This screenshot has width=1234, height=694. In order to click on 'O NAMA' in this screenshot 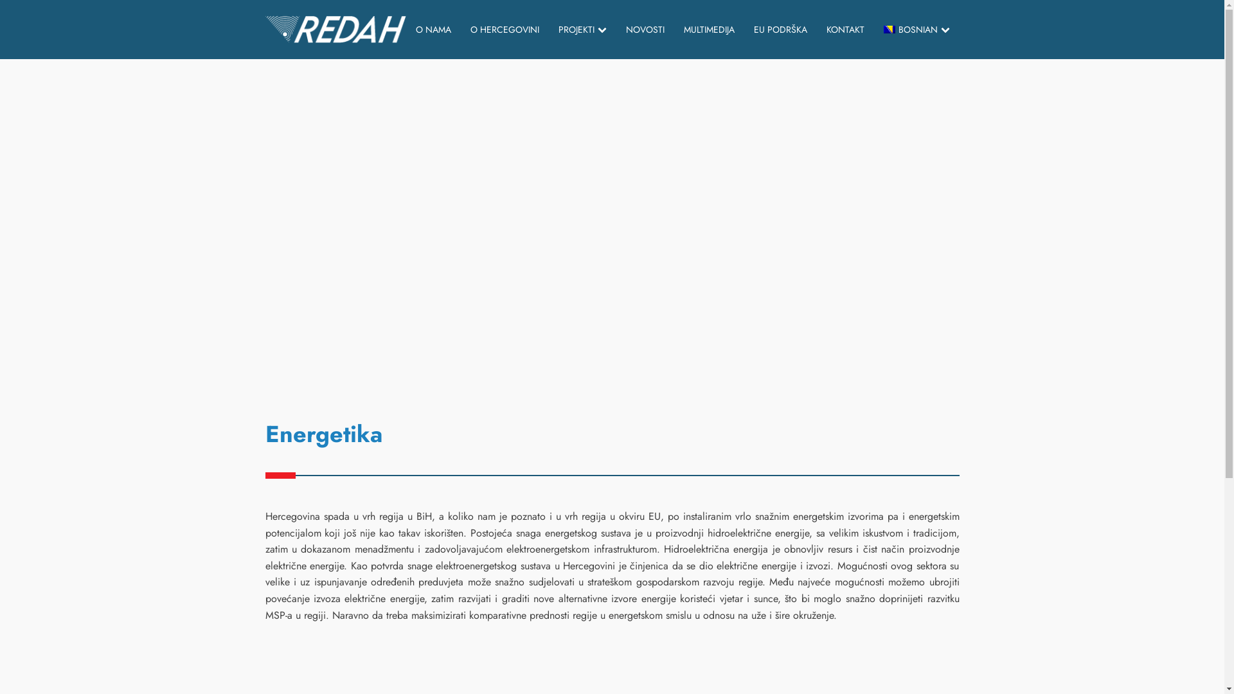, I will do `click(433, 29)`.